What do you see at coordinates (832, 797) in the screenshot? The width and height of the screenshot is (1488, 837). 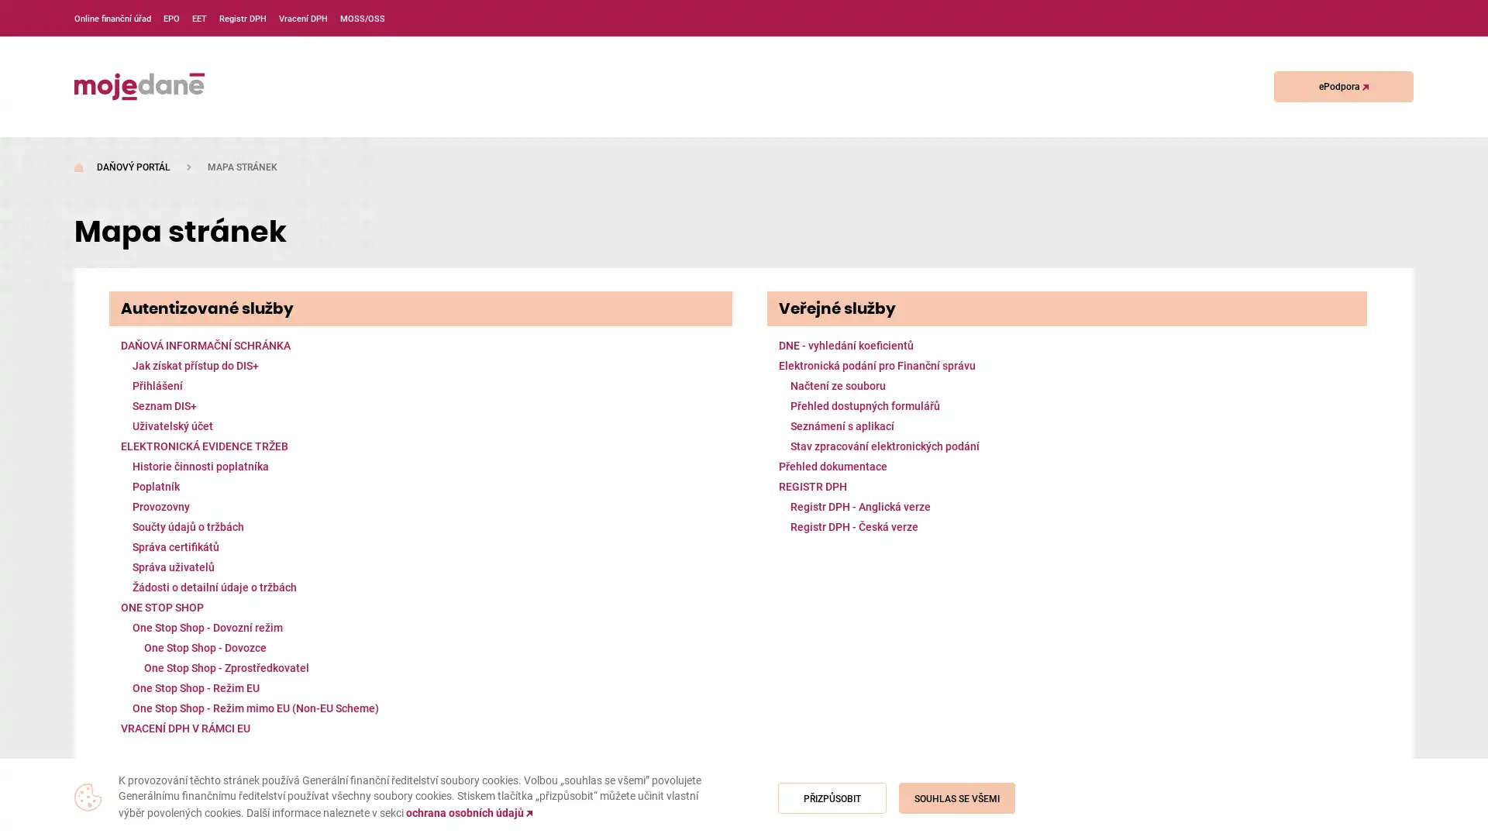 I see `PRIZPUSOBIT` at bounding box center [832, 797].